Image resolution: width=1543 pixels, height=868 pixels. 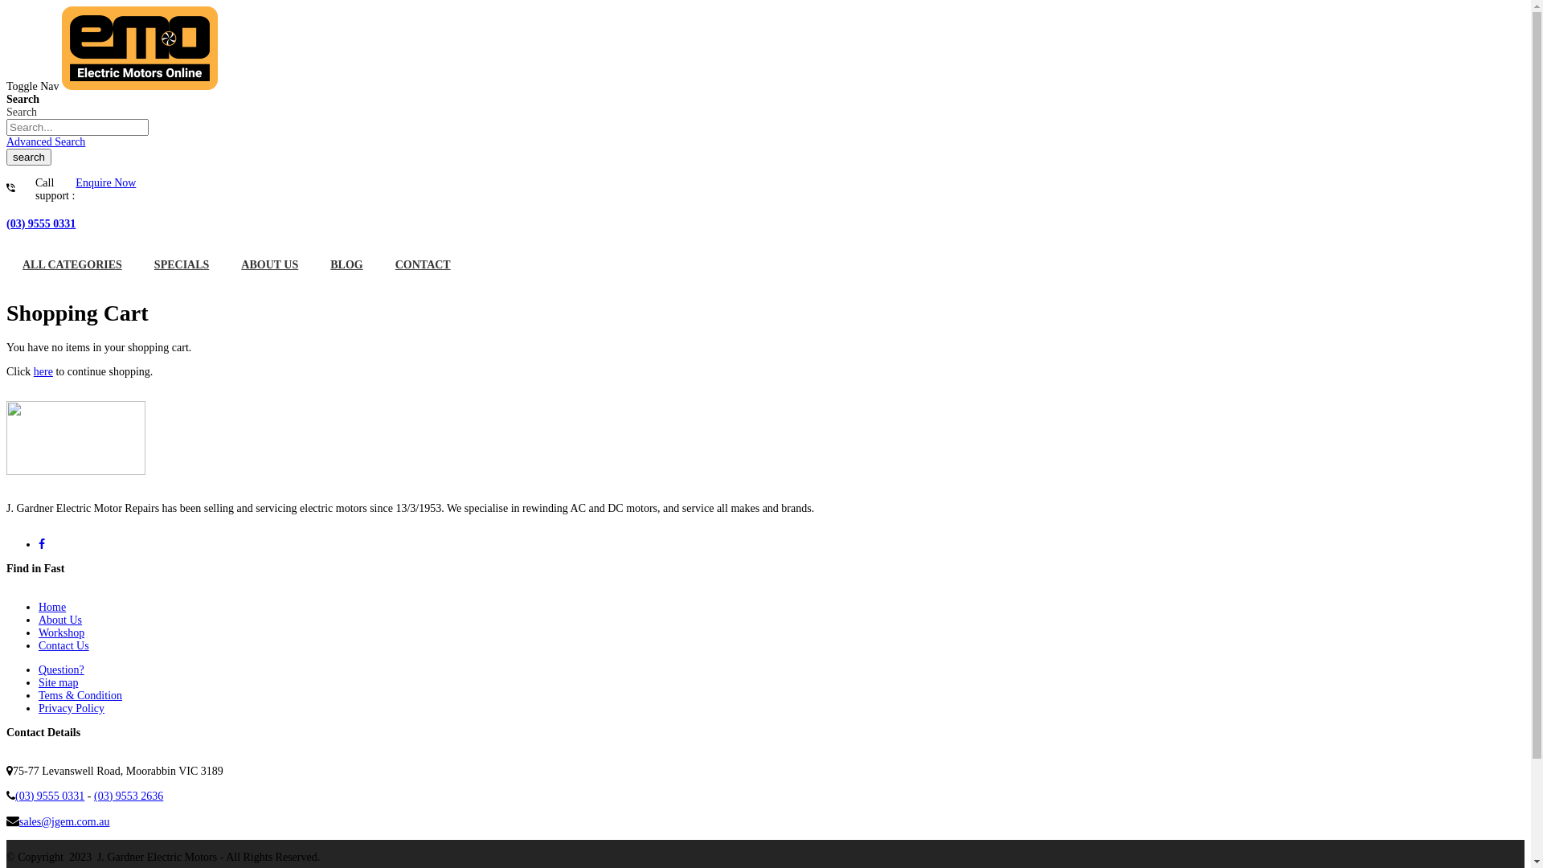 What do you see at coordinates (52, 607) in the screenshot?
I see `'Home'` at bounding box center [52, 607].